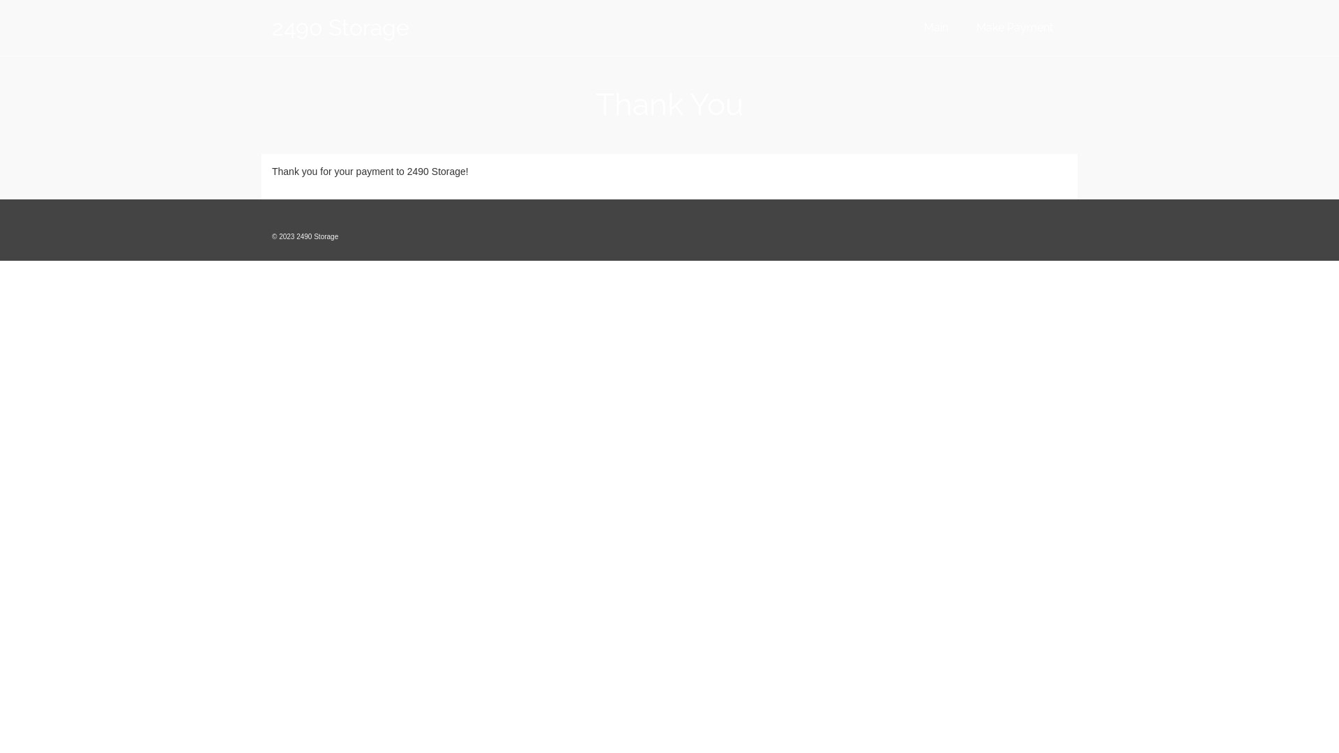  I want to click on 'Main', so click(936, 27).